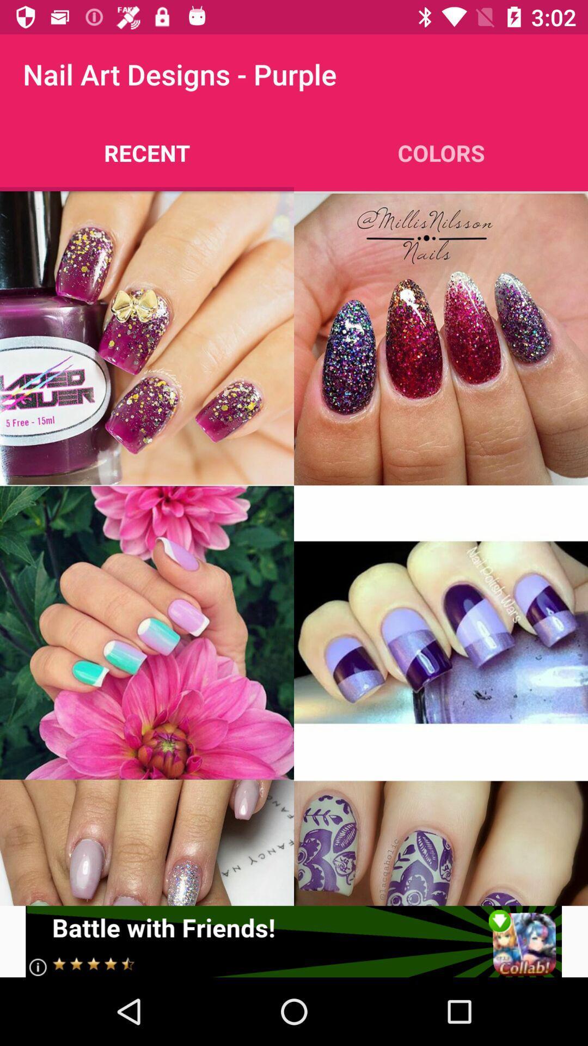 The width and height of the screenshot is (588, 1046). What do you see at coordinates (293, 941) in the screenshot?
I see `click advertisement` at bounding box center [293, 941].